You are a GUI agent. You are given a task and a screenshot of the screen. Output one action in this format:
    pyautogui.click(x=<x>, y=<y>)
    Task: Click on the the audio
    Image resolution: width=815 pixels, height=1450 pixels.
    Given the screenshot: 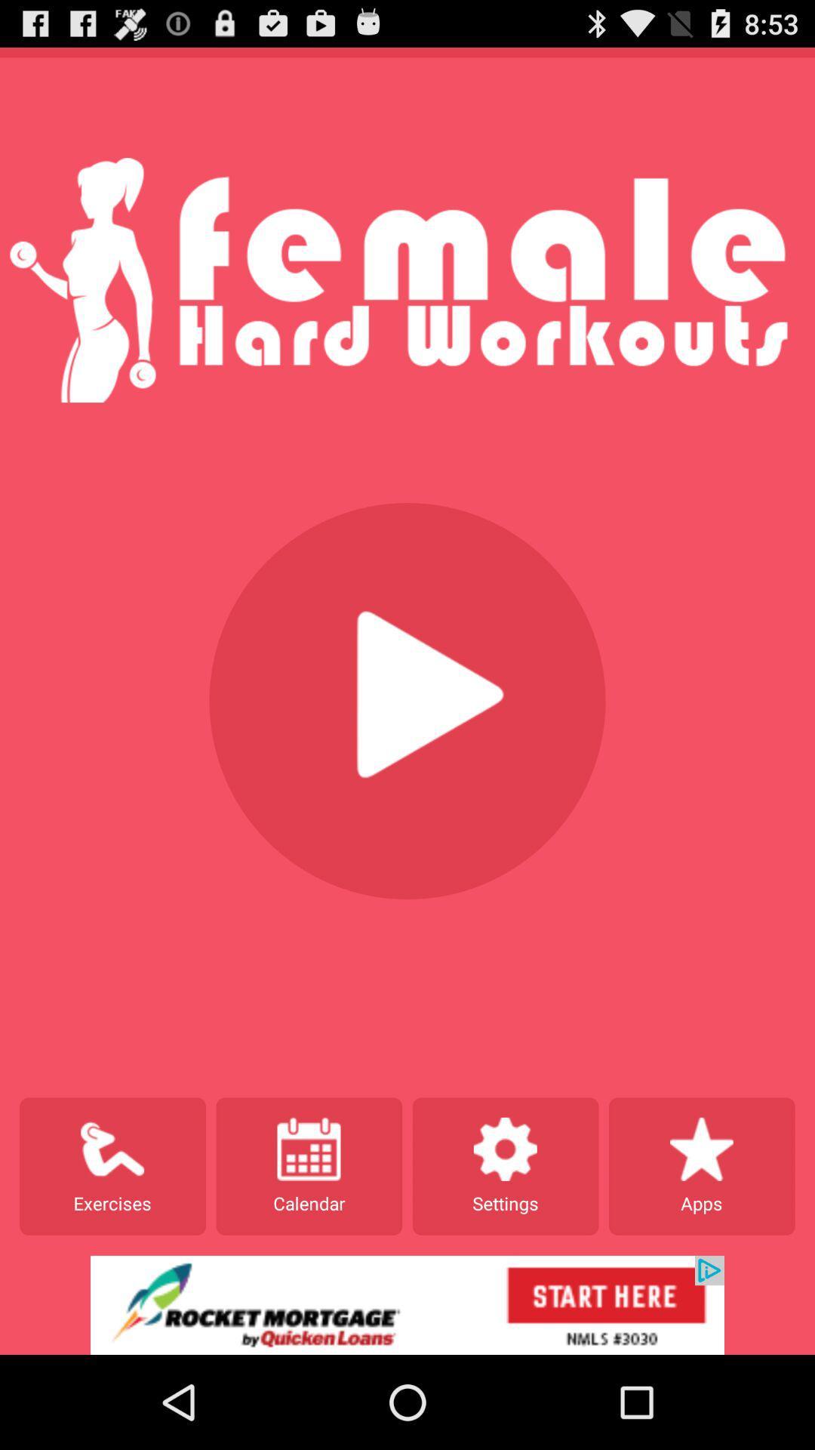 What is the action you would take?
    pyautogui.click(x=407, y=700)
    